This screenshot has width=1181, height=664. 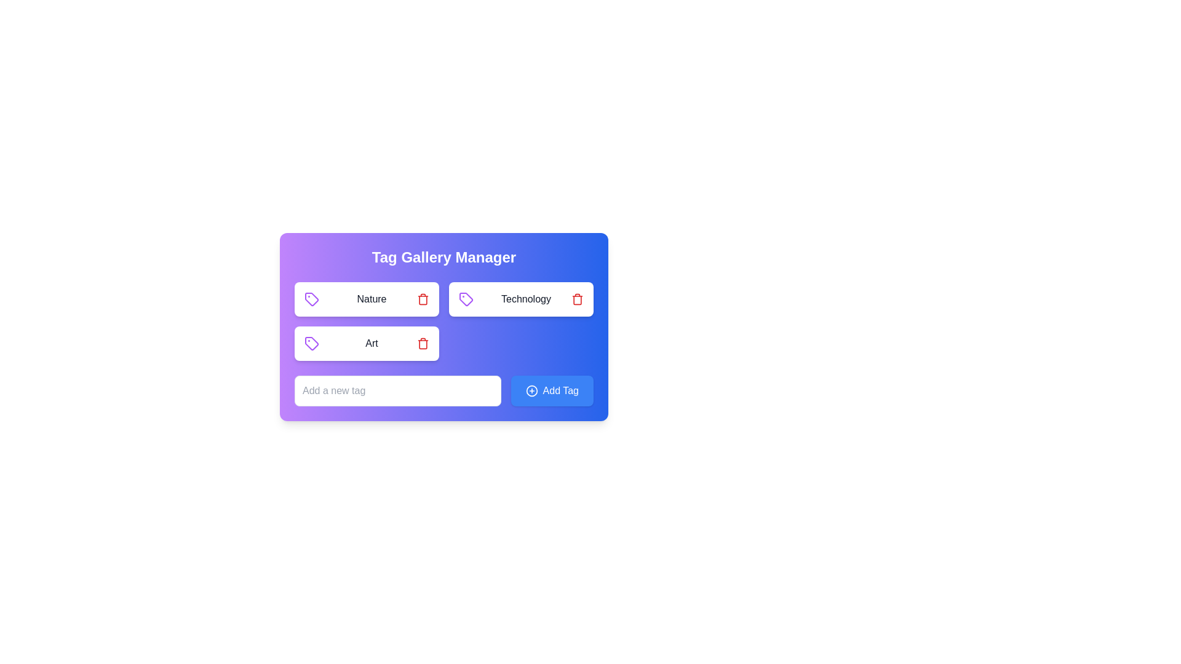 I want to click on the delete icon located at the far right of the white rectangular box labeled 'Technology', so click(x=577, y=299).